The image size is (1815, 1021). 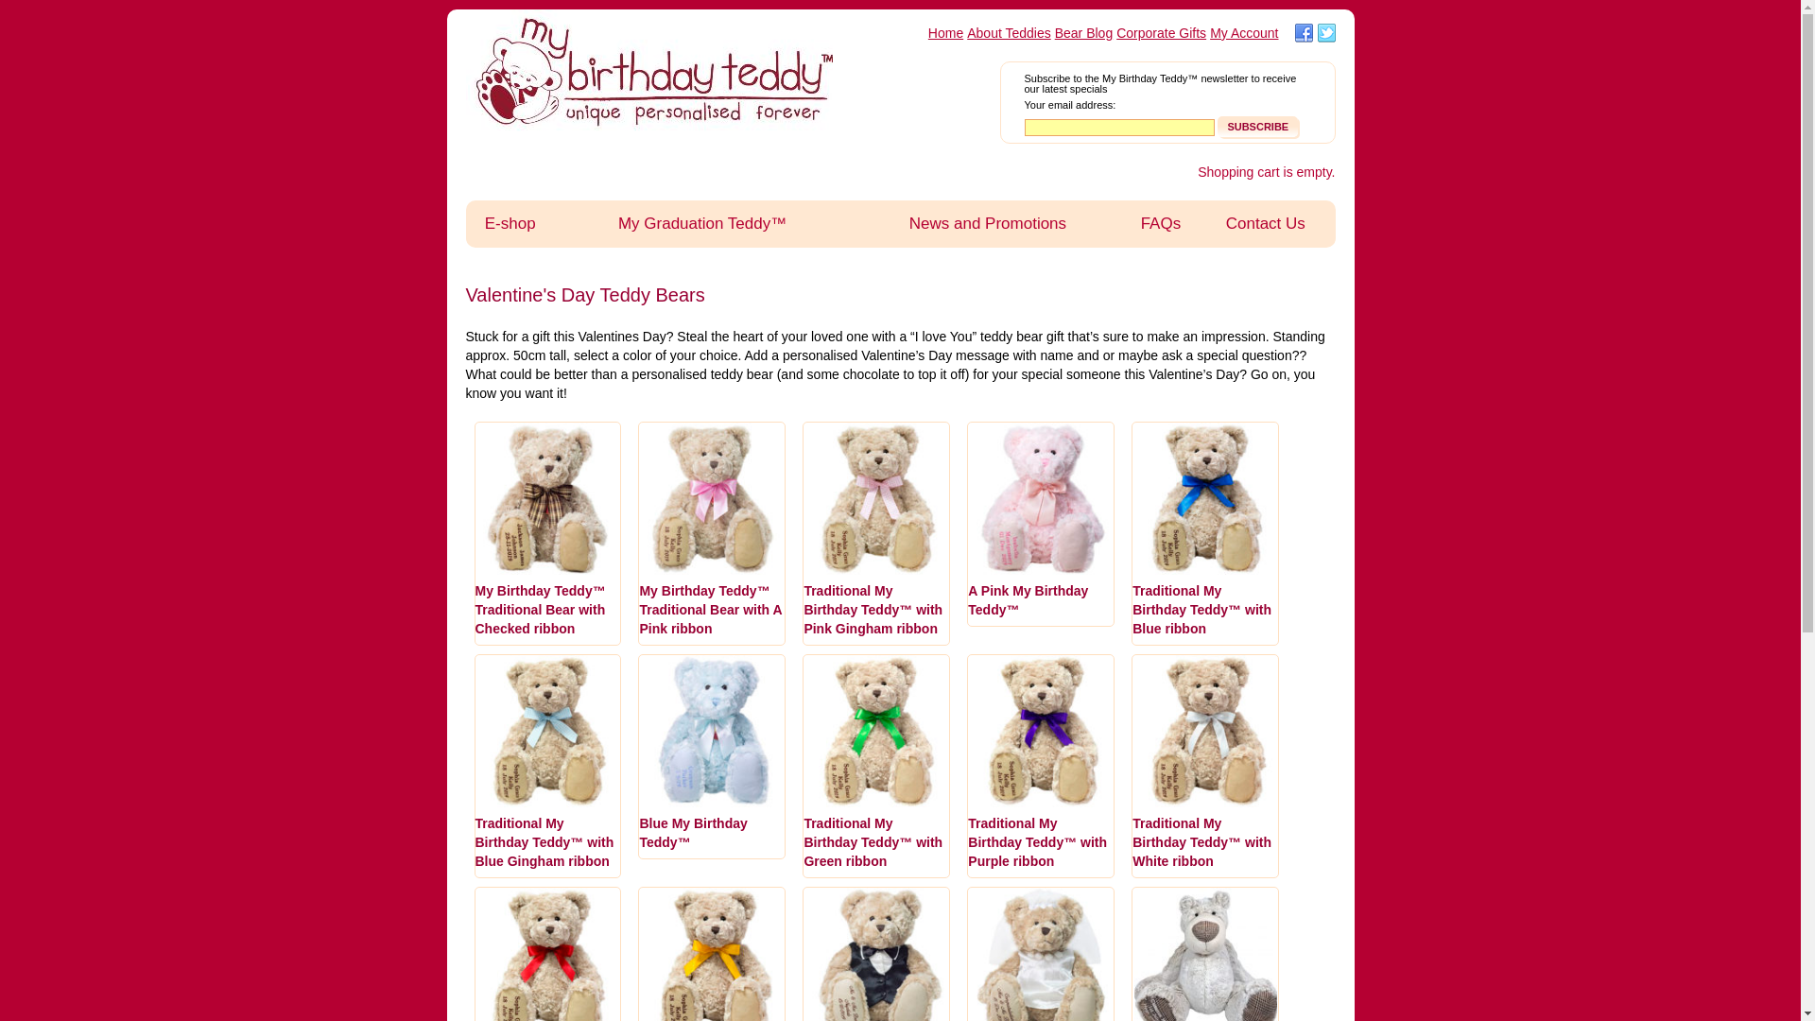 I want to click on 'E-shop', so click(x=509, y=222).